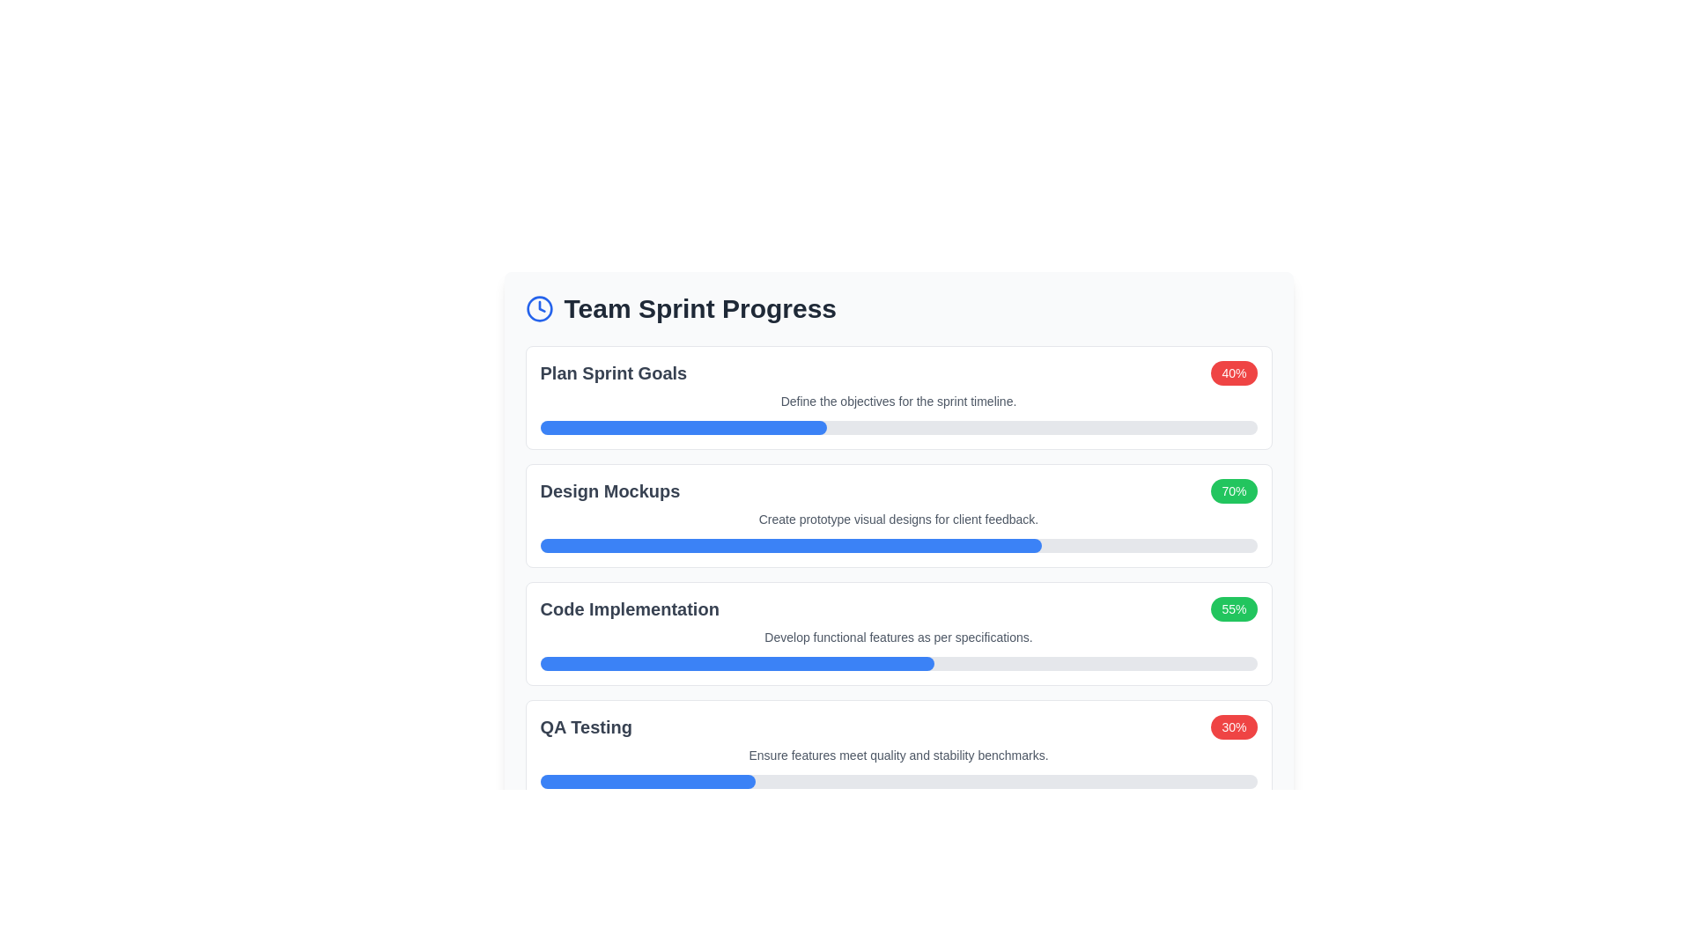 This screenshot has width=1691, height=951. Describe the element at coordinates (898, 663) in the screenshot. I see `the progress value of the progress bar indicating 'Code Implementation', which shows 55% completion, located beneath the relevant text in the third section of the progress items list` at that location.